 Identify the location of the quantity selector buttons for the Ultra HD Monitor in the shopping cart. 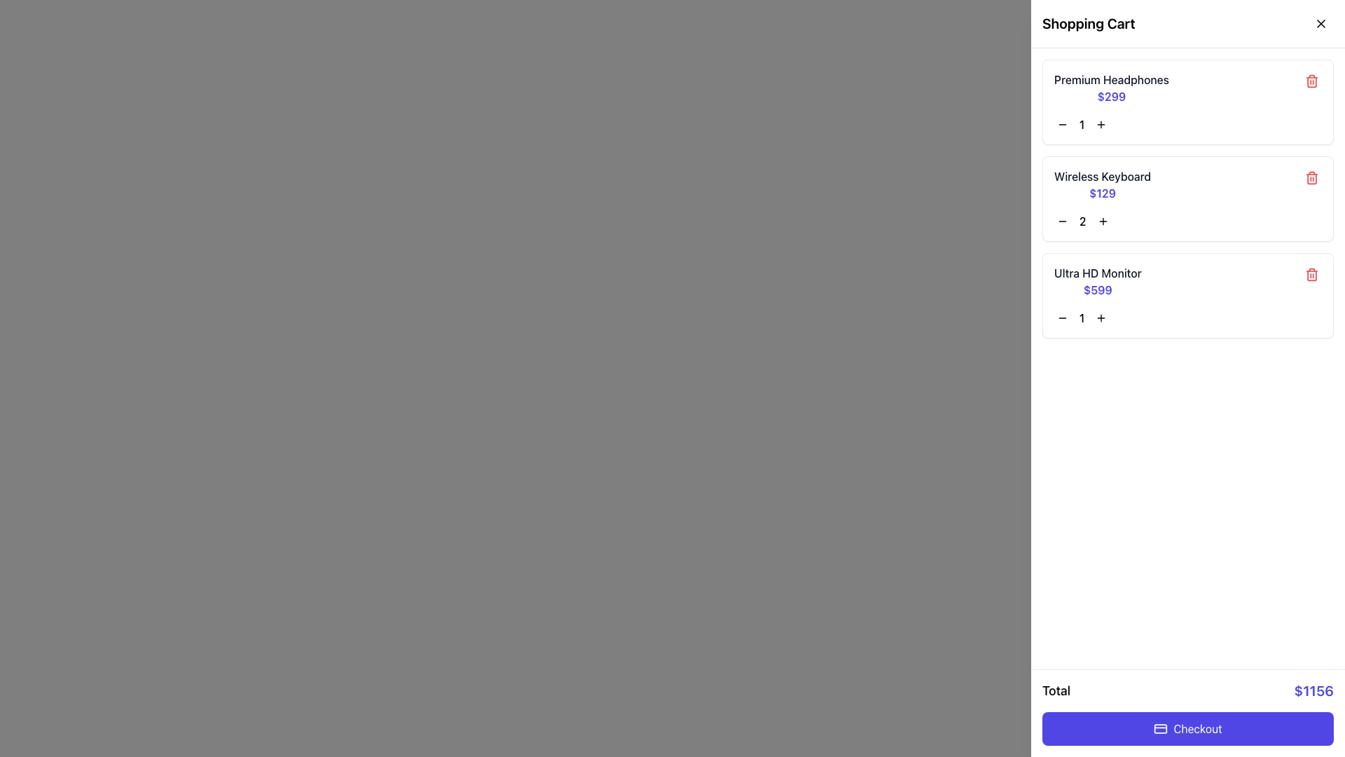
(1187, 318).